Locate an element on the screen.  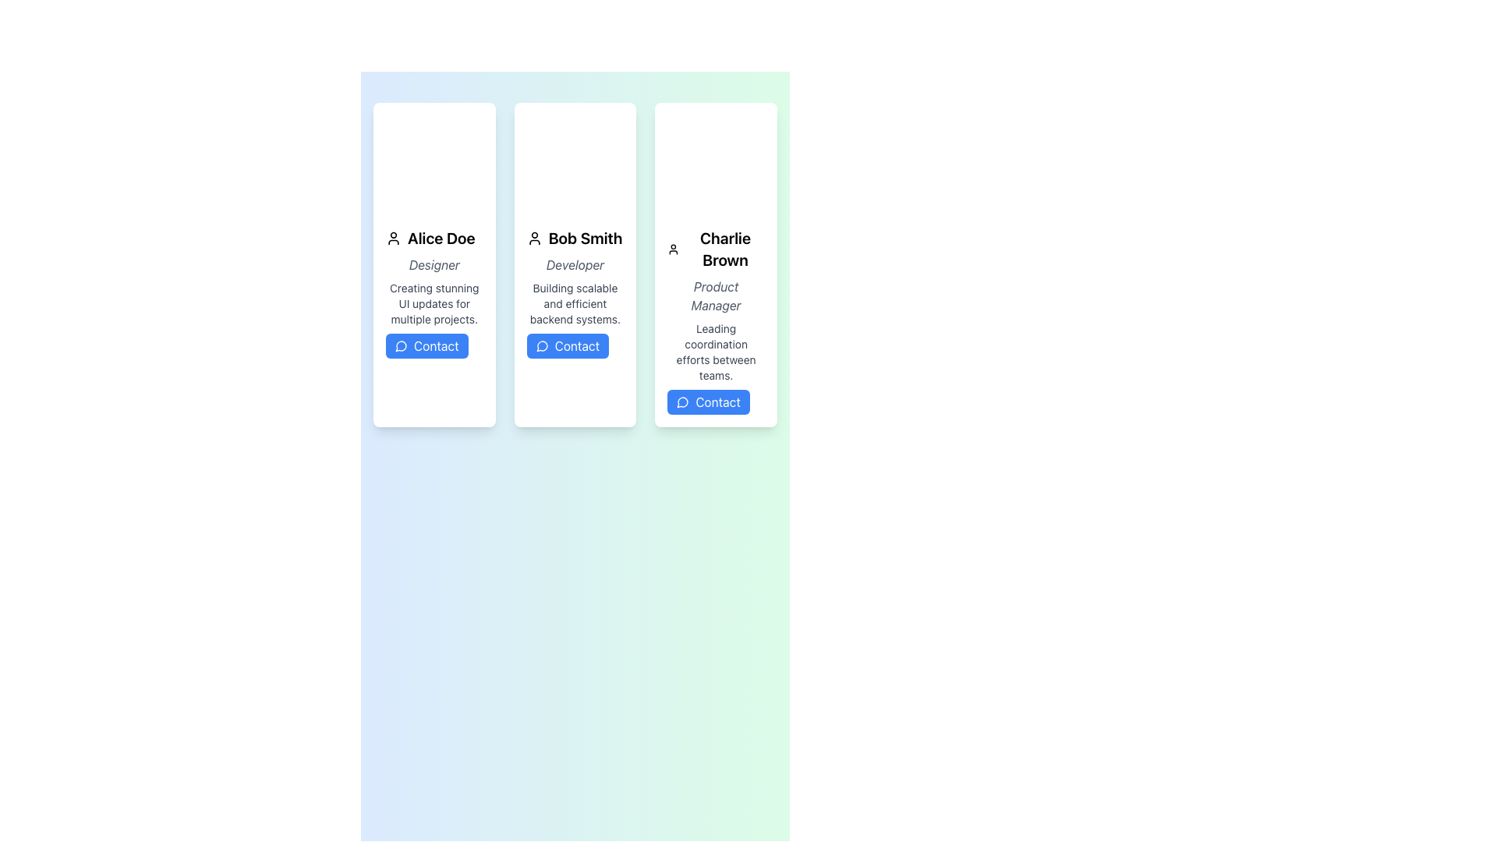
text block styled in a smaller, gray-colored font containing the phrase 'Leading coordination efforts between teams.' located below the 'Product Manager' title within the profile card of Charlie Brown is located at coordinates (715, 352).